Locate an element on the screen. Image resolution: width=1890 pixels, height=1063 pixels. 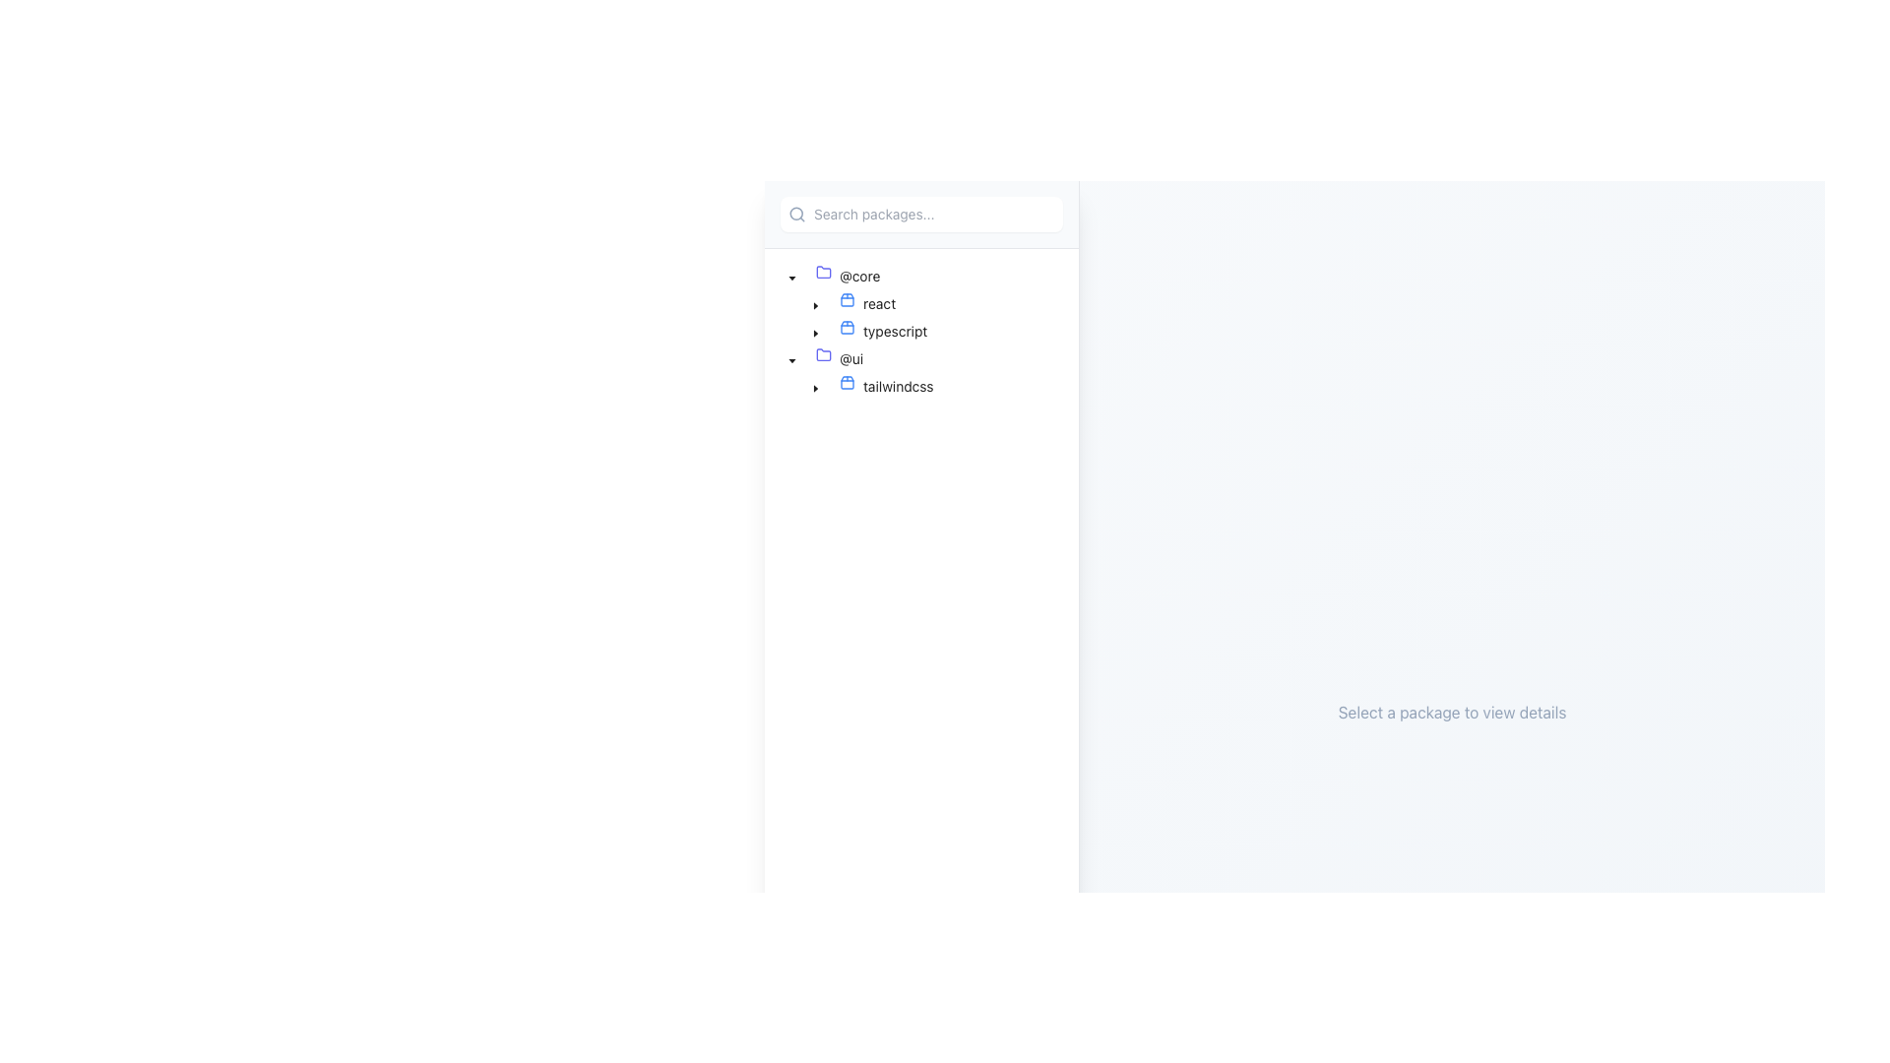
the 'tailwindcss' icon located is located at coordinates (850, 387).